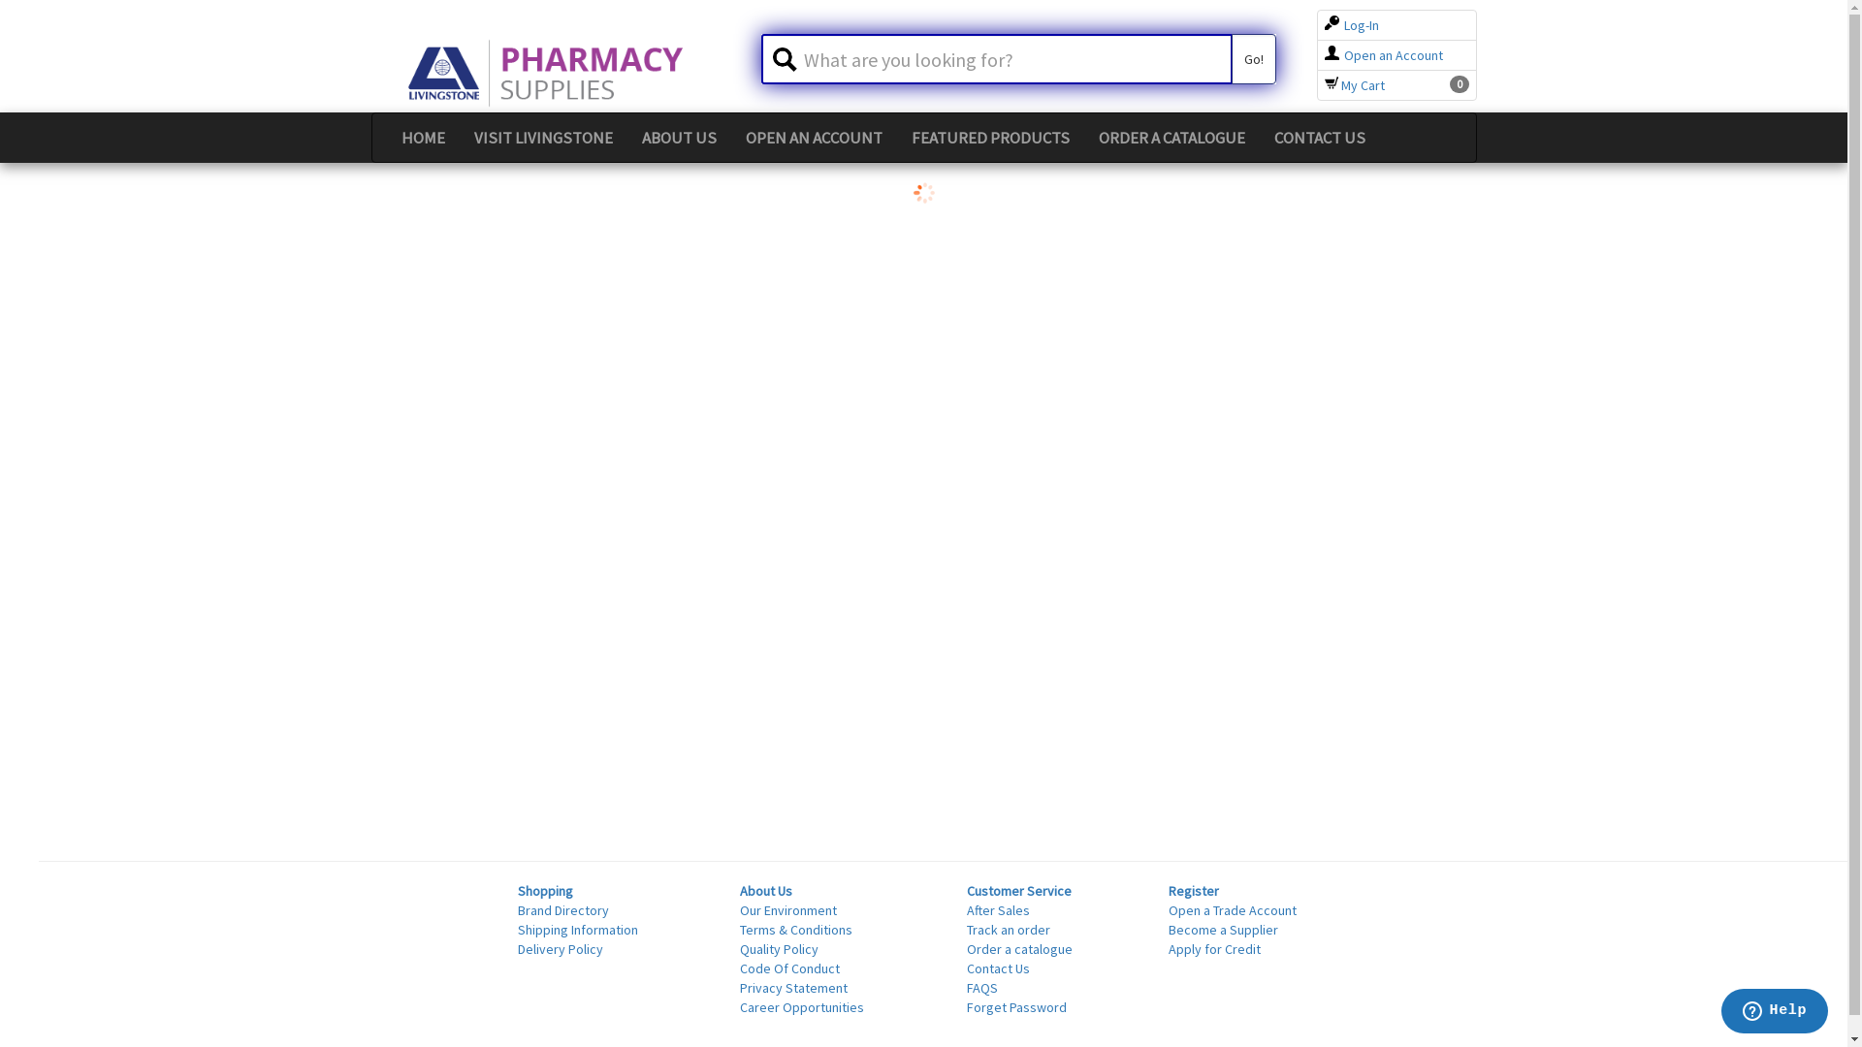 Image resolution: width=1862 pixels, height=1047 pixels. What do you see at coordinates (1350, 25) in the screenshot?
I see `'Log-In'` at bounding box center [1350, 25].